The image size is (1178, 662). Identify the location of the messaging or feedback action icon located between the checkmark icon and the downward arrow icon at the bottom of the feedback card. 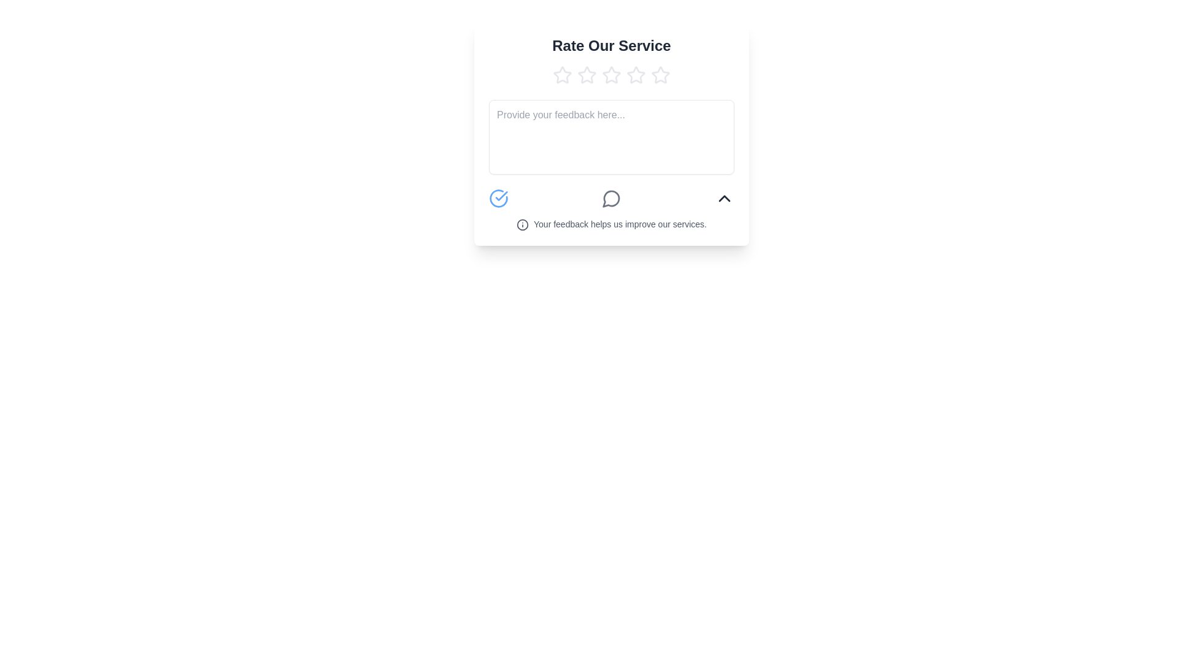
(612, 198).